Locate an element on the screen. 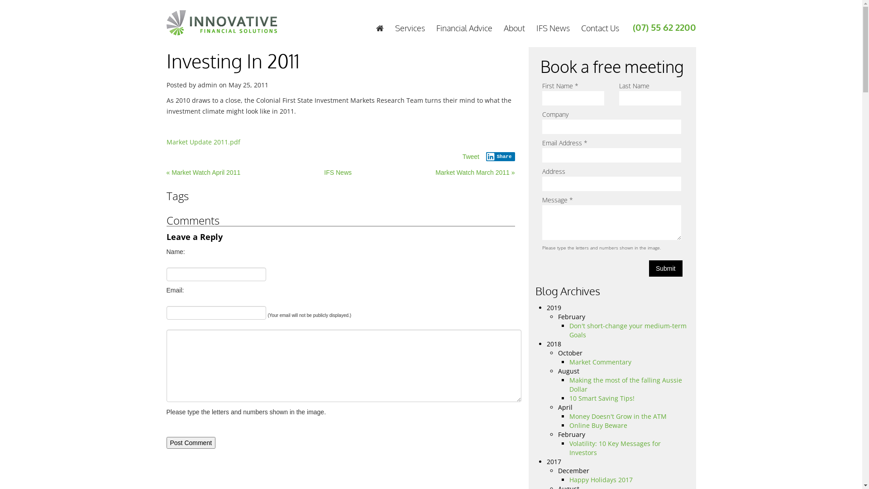 The image size is (869, 489). 'Contact Us' is located at coordinates (600, 27).